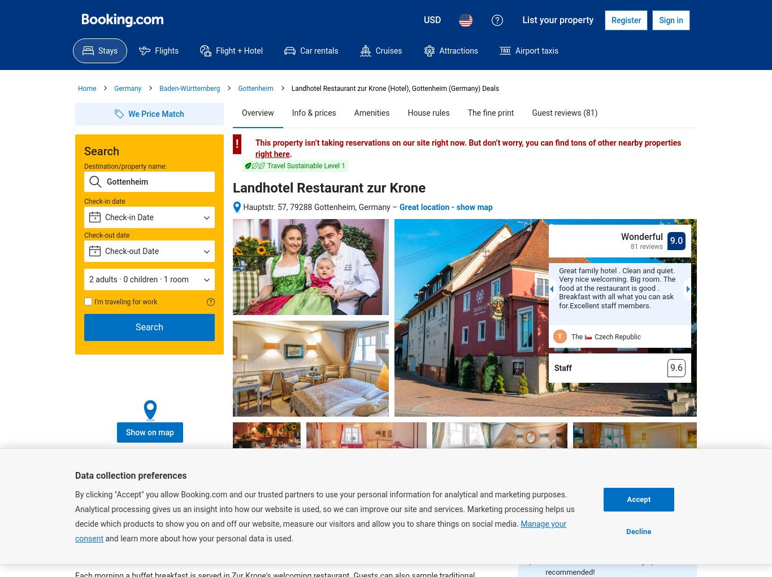 The height and width of the screenshot is (577, 772). Describe the element at coordinates (127, 88) in the screenshot. I see `'Germany'` at that location.